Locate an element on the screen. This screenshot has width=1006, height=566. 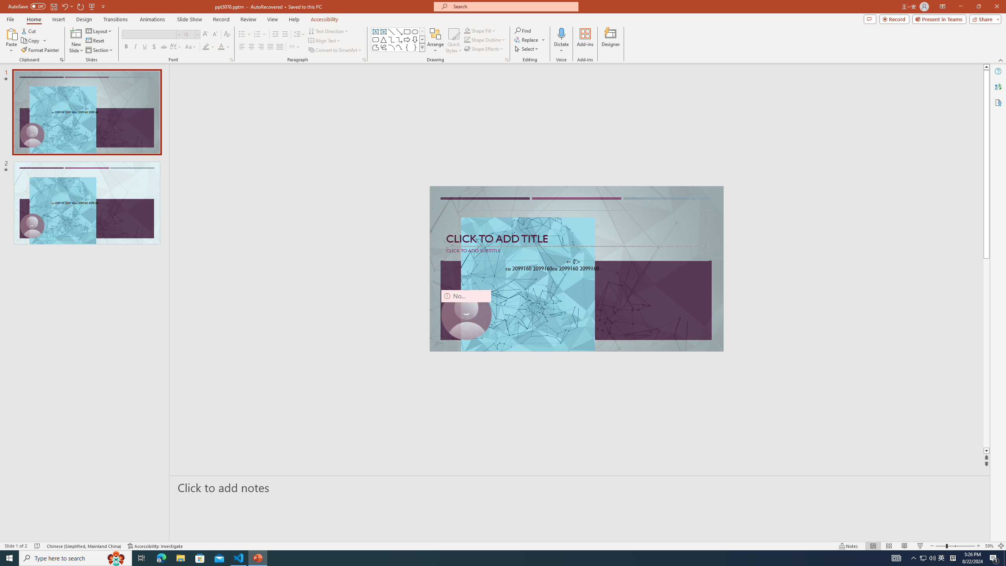
'Decrease Font Size' is located at coordinates (215, 34).